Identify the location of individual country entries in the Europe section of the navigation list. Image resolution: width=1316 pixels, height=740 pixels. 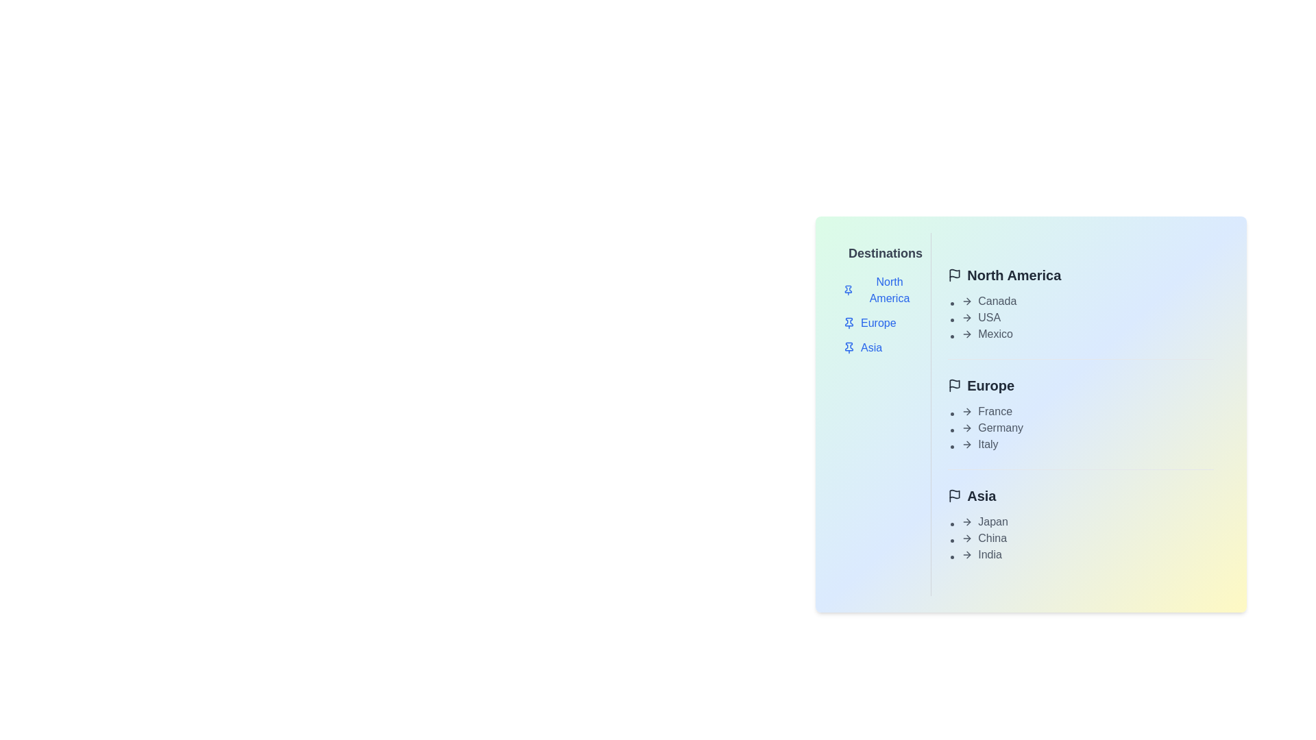
(1080, 427).